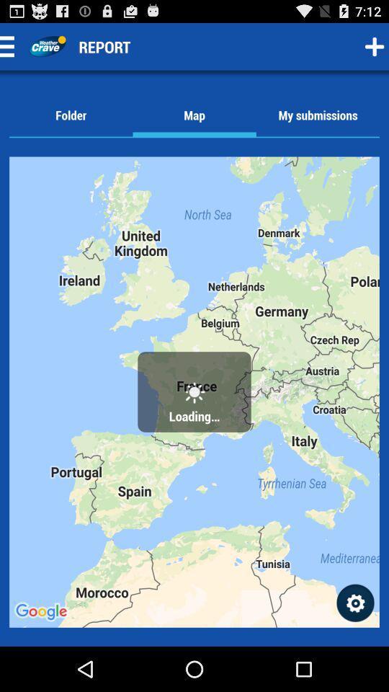  Describe the element at coordinates (354, 645) in the screenshot. I see `the settings icon` at that location.